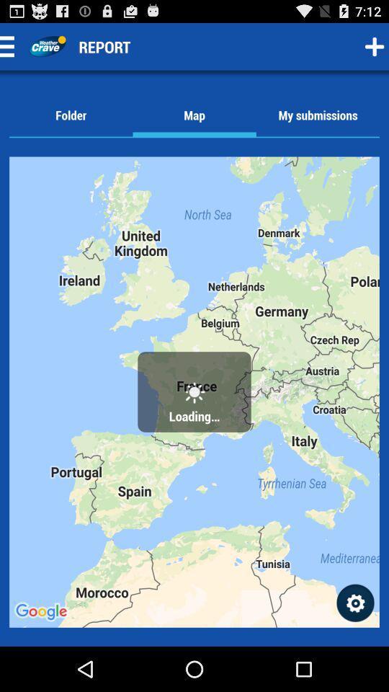  Describe the element at coordinates (354, 645) in the screenshot. I see `the settings icon` at that location.